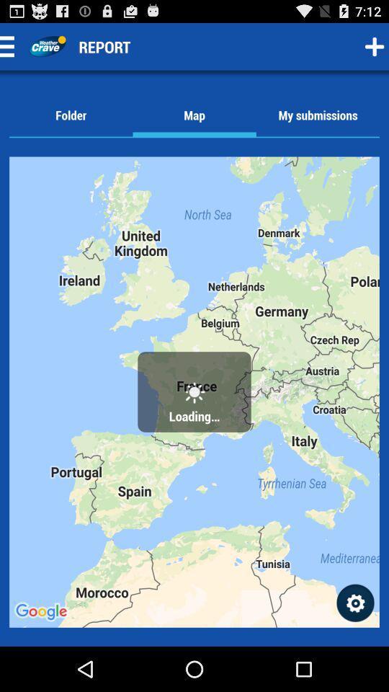  Describe the element at coordinates (354, 645) in the screenshot. I see `the settings icon` at that location.